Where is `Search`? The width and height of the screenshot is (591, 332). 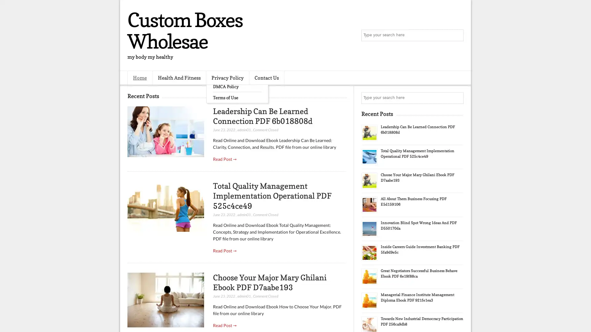
Search is located at coordinates (457, 98).